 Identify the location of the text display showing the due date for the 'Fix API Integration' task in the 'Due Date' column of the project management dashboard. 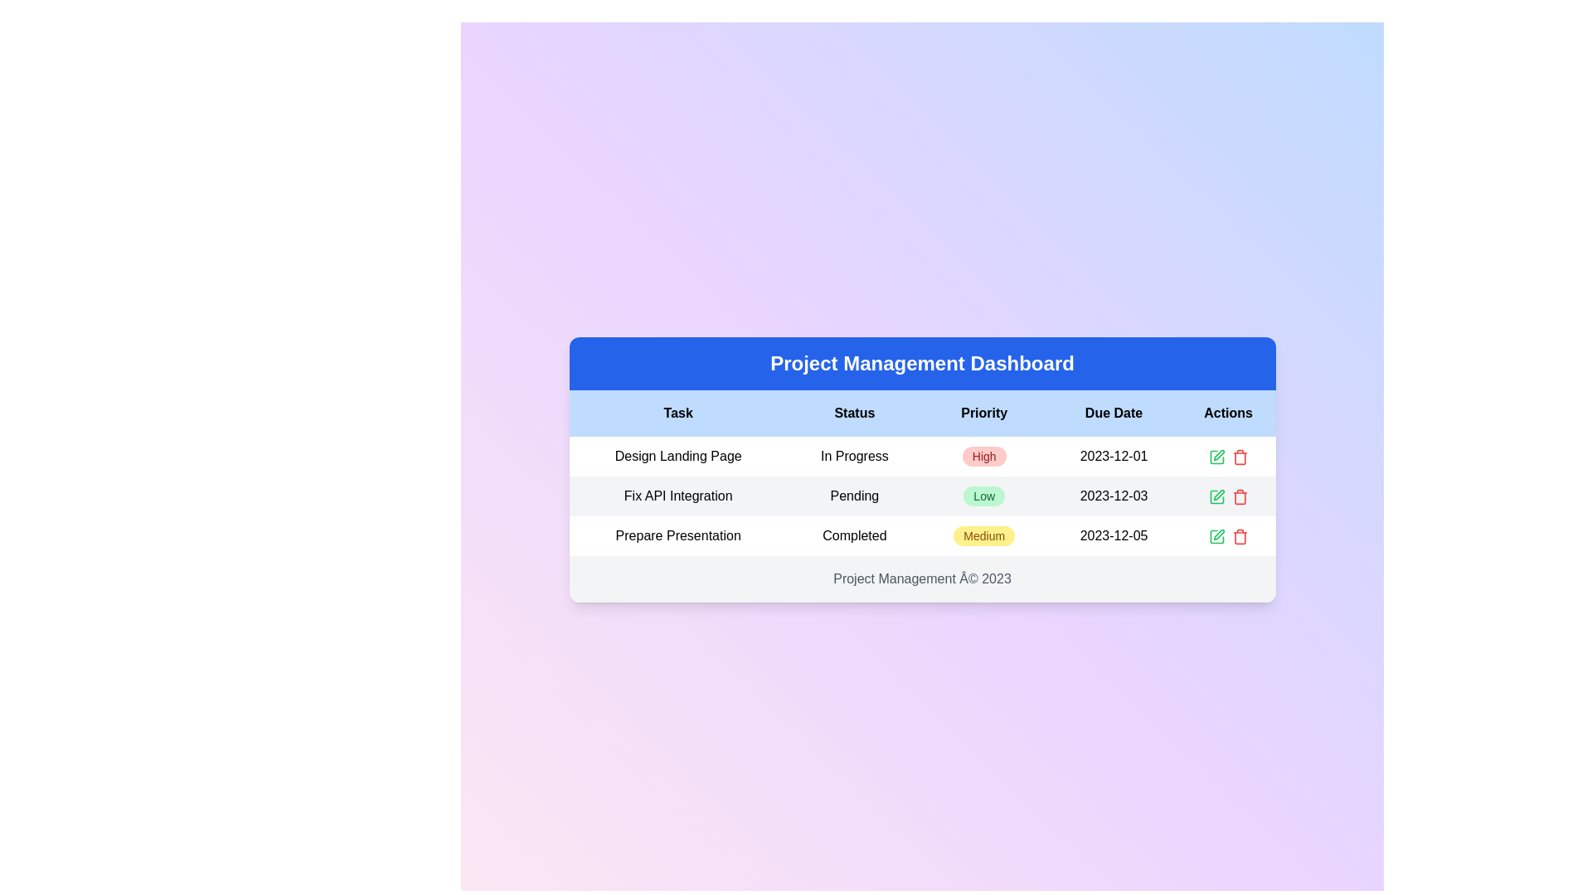
(1114, 495).